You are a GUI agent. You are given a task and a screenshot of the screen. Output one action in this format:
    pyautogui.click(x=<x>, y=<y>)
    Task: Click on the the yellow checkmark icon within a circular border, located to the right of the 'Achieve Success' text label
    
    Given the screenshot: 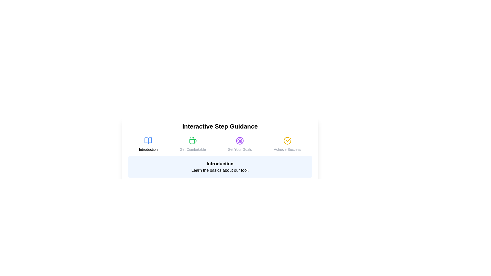 What is the action you would take?
    pyautogui.click(x=288, y=140)
    